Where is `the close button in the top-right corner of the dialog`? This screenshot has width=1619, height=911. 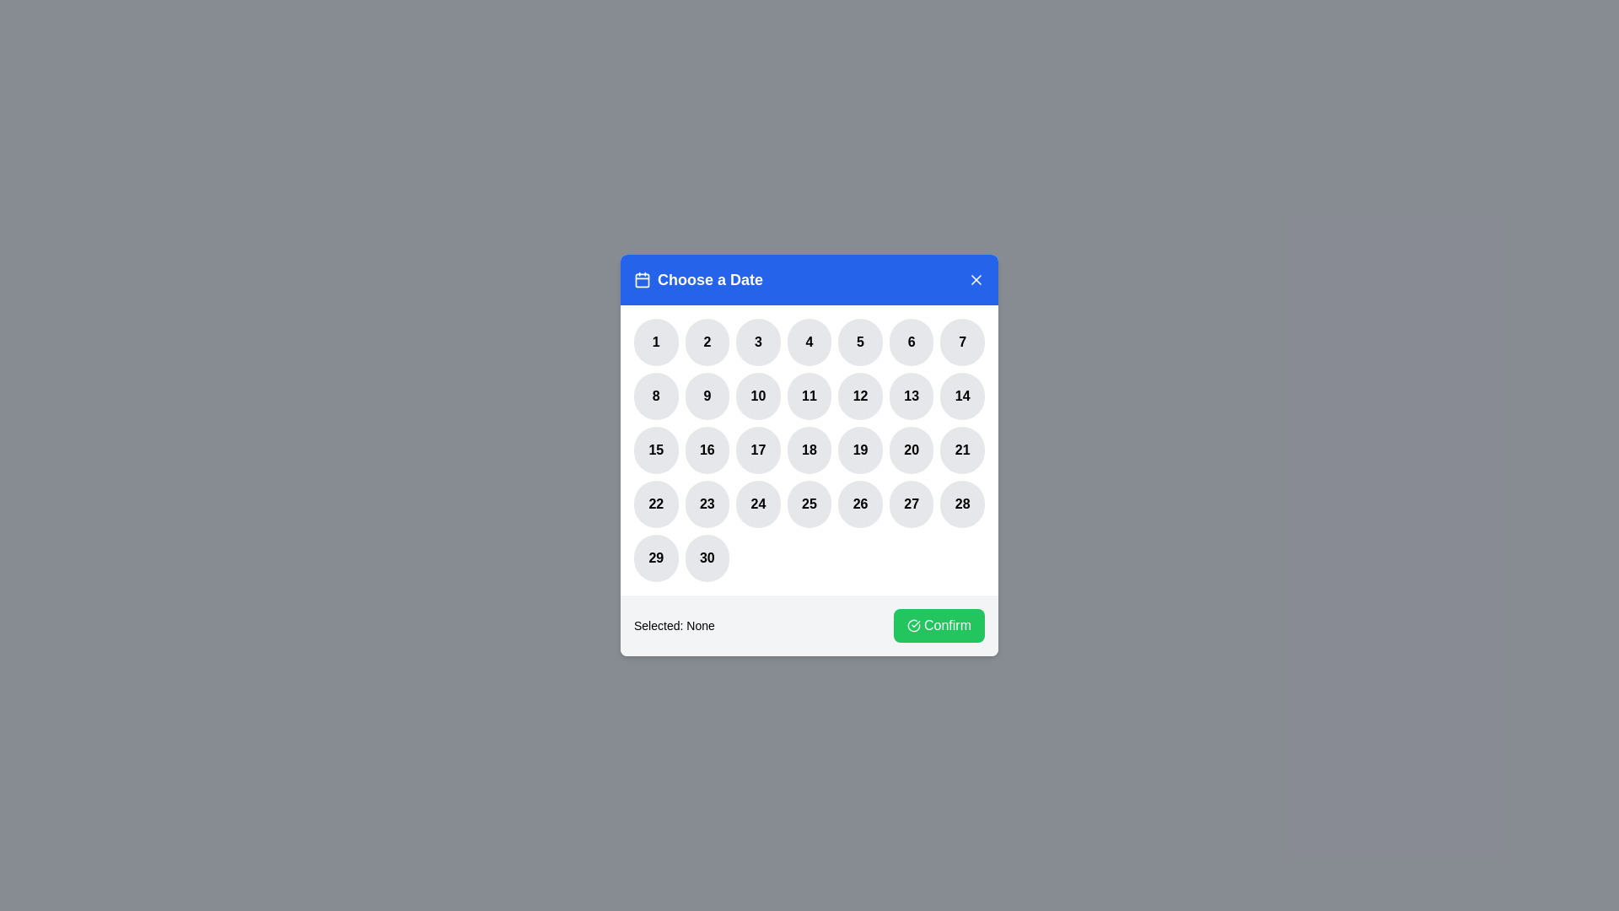
the close button in the top-right corner of the dialog is located at coordinates (976, 278).